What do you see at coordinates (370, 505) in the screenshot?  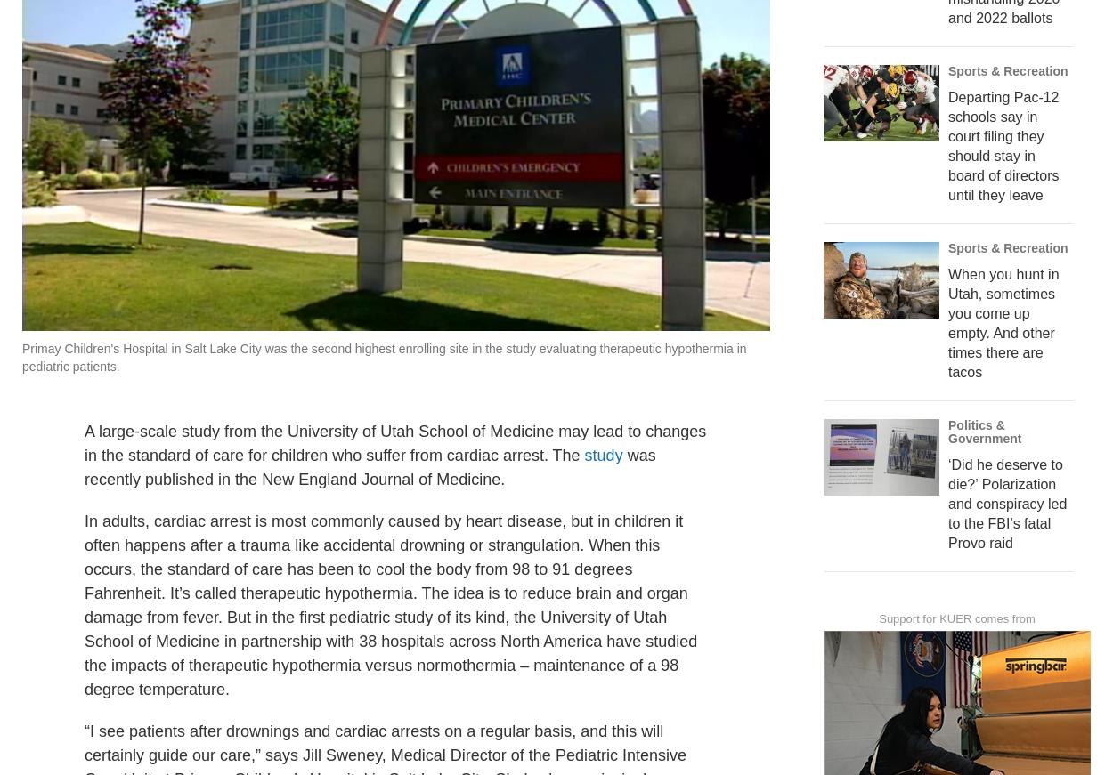 I see `'was recently published in the New England Journal of Medicine.'` at bounding box center [370, 505].